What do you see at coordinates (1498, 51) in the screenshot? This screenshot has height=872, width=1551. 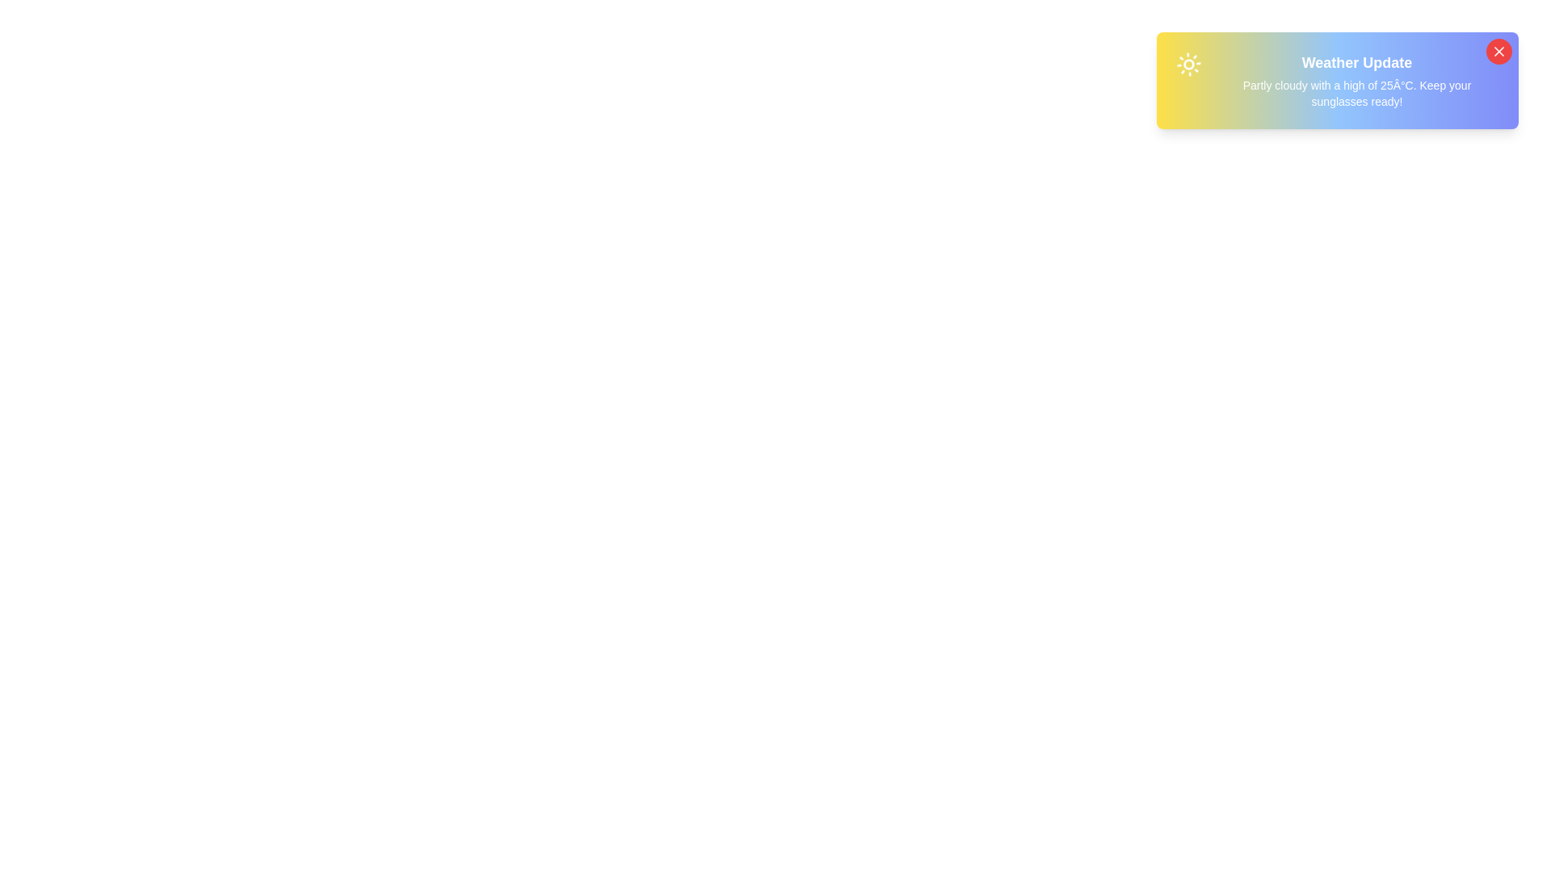 I see `the close button to dismiss the notification snackbar` at bounding box center [1498, 51].